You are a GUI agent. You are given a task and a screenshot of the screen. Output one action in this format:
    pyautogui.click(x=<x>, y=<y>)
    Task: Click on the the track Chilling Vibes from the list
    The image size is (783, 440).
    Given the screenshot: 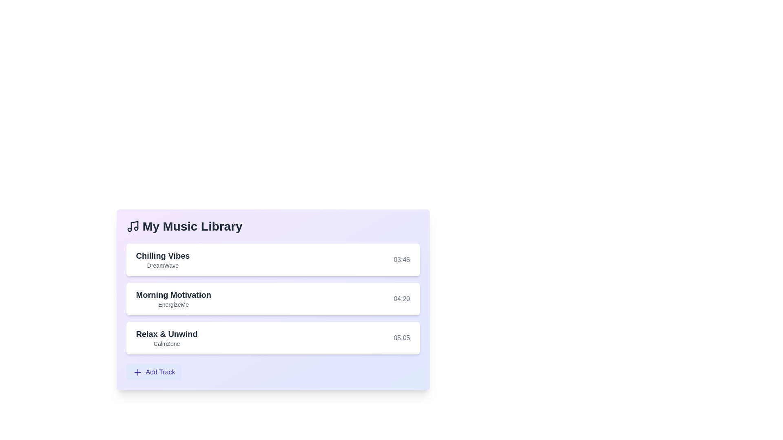 What is the action you would take?
    pyautogui.click(x=273, y=260)
    